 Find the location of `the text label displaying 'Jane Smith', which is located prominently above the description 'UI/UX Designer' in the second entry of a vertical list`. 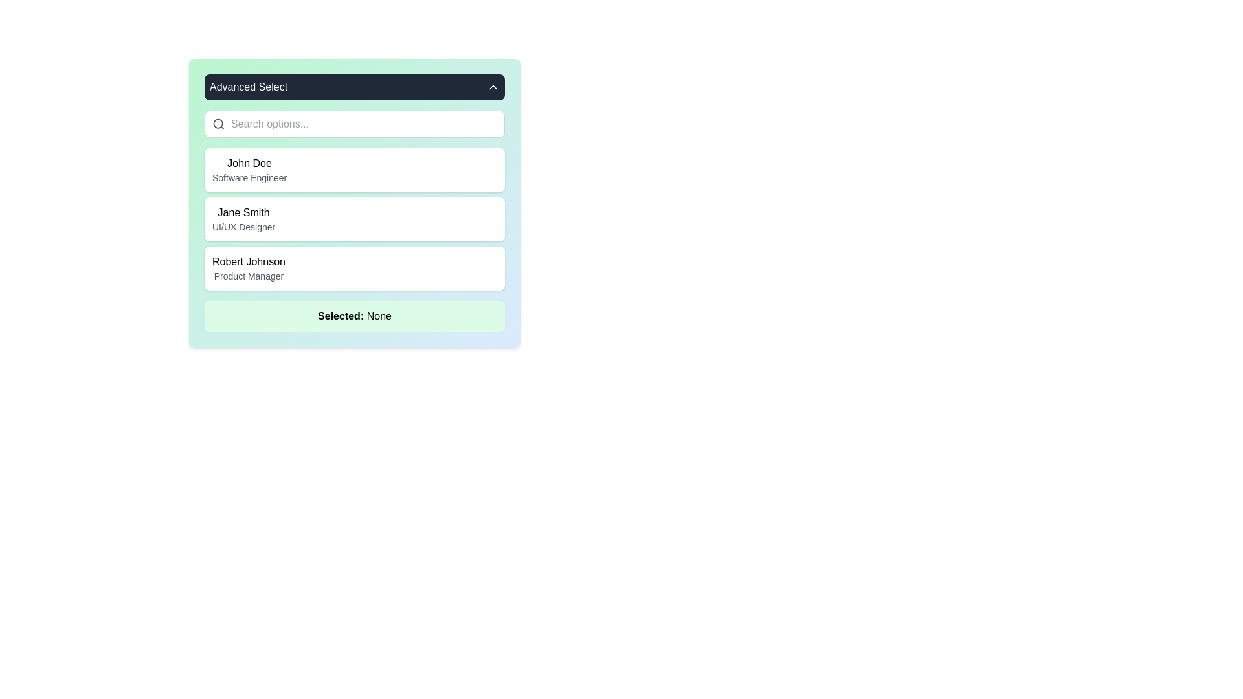

the text label displaying 'Jane Smith', which is located prominently above the description 'UI/UX Designer' in the second entry of a vertical list is located at coordinates (243, 212).